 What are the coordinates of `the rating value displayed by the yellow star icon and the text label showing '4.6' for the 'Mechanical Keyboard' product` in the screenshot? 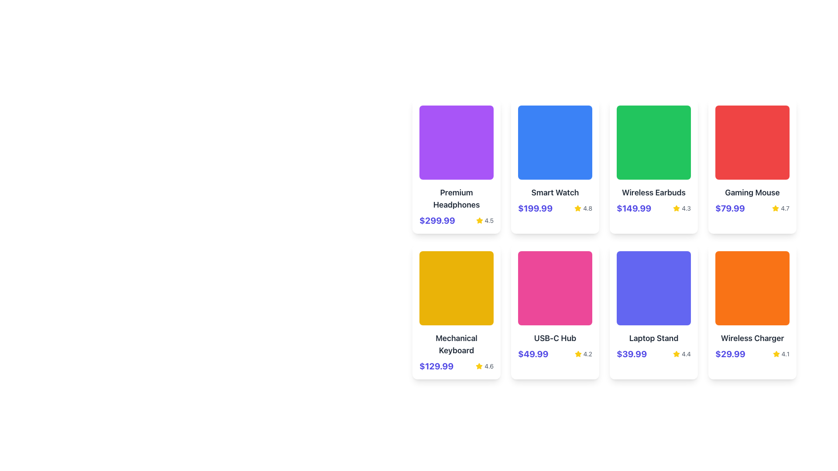 It's located at (484, 366).